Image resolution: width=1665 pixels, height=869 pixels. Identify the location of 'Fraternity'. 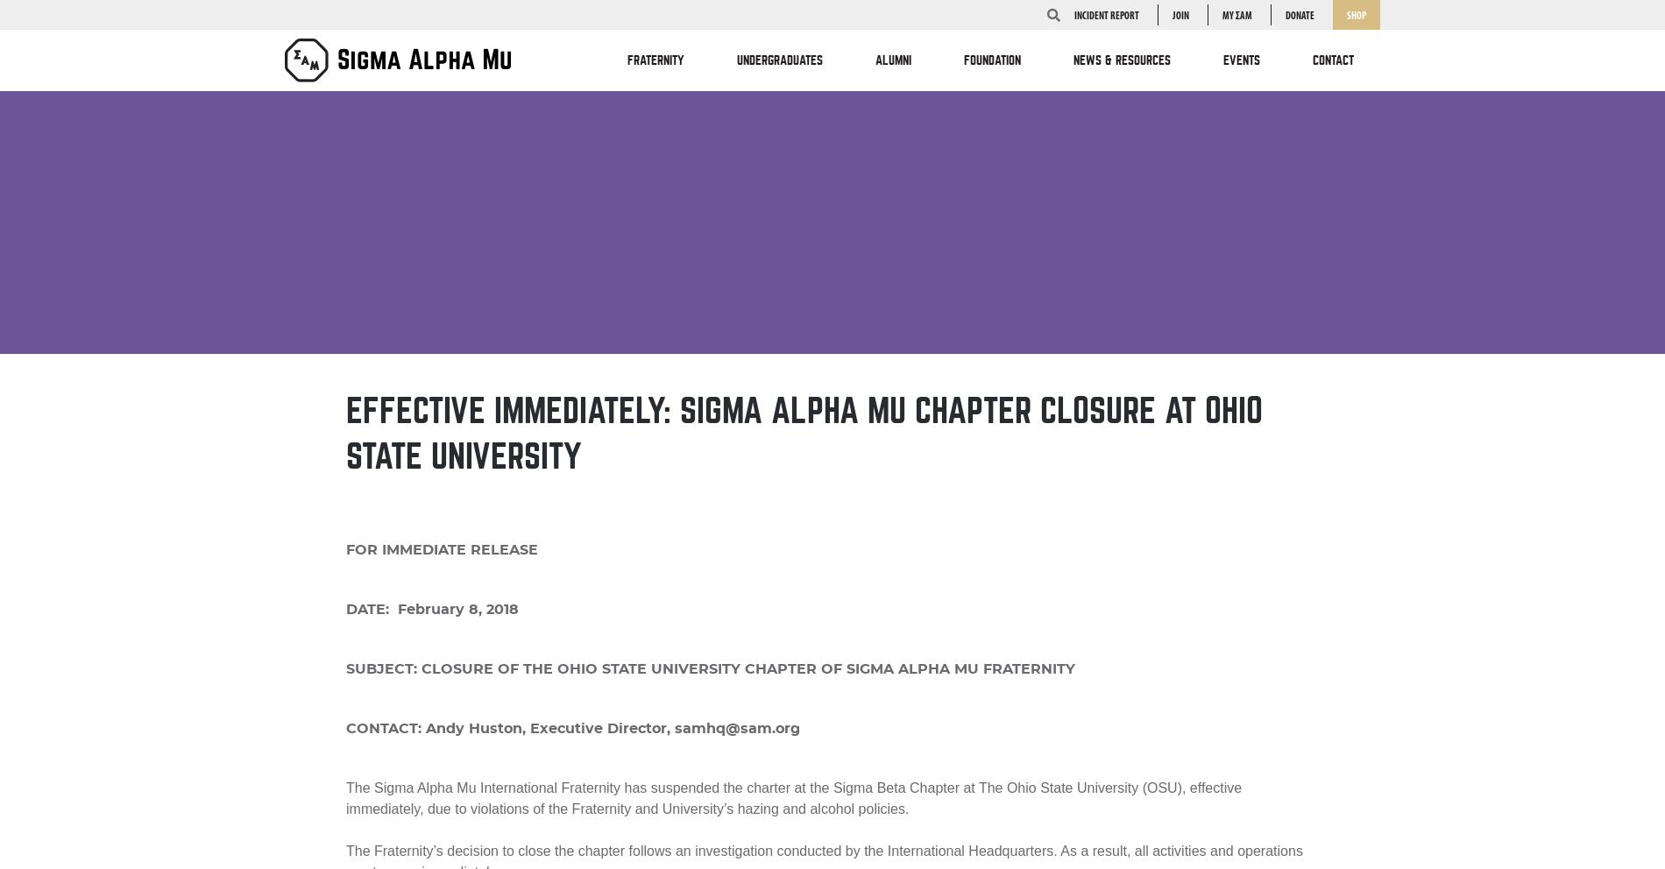
(655, 60).